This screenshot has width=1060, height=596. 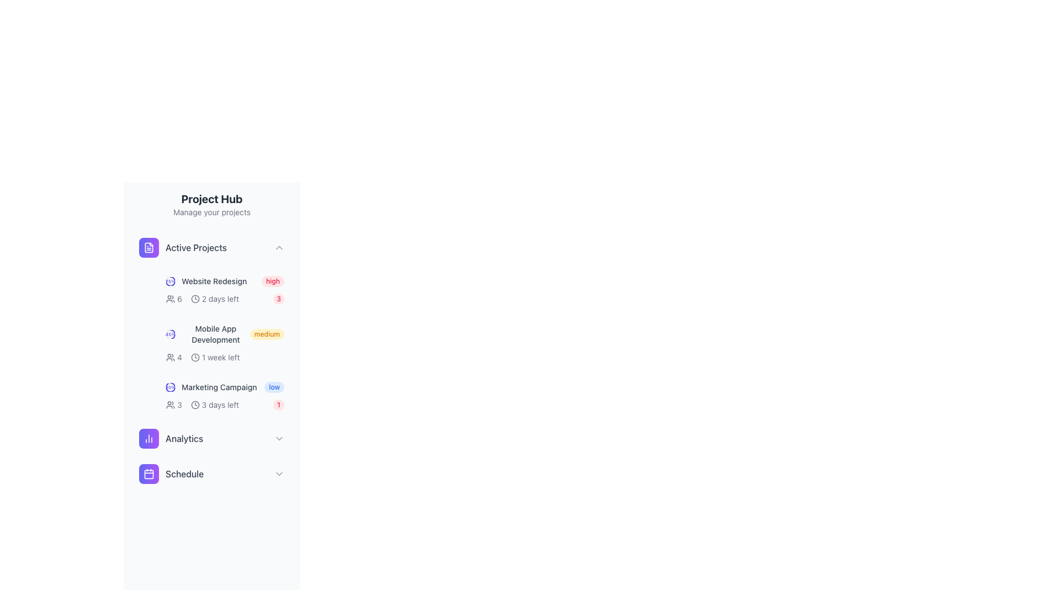 What do you see at coordinates (220, 405) in the screenshot?
I see `text label displaying '3 days left' located next to the clock icon in the 'Active Projects' section of the 'Marketing Campaign' project details` at bounding box center [220, 405].